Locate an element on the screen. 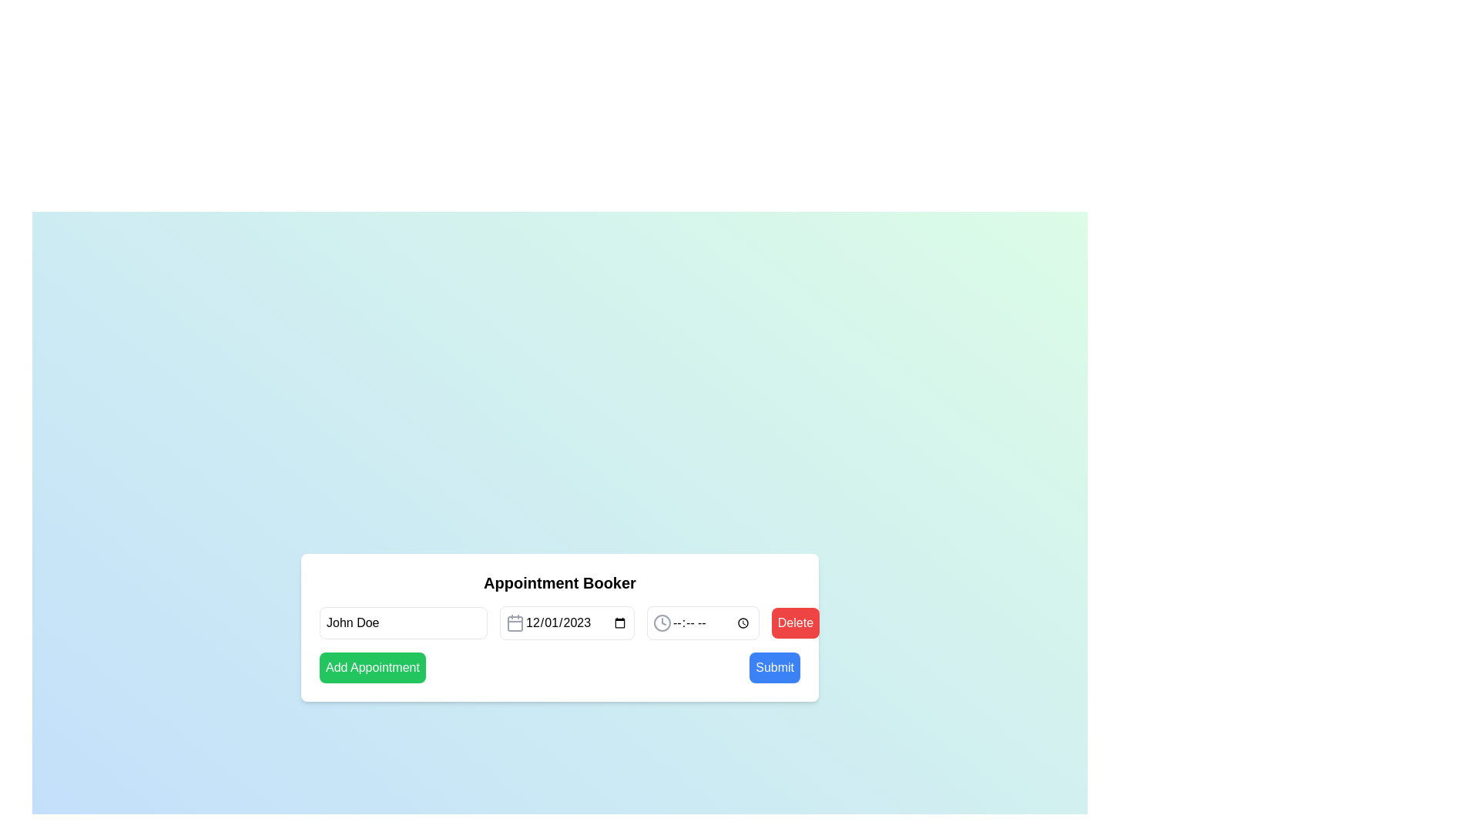  the Text header element located at the top of the white card in the appointment booking interface, which serves as a title or heading is located at coordinates (558, 582).